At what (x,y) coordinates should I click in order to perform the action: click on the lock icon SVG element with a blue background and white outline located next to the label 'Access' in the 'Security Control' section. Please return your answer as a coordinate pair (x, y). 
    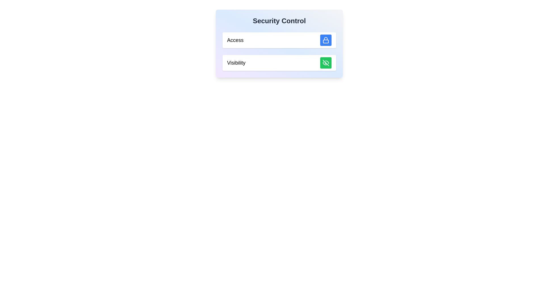
    Looking at the image, I should click on (326, 40).